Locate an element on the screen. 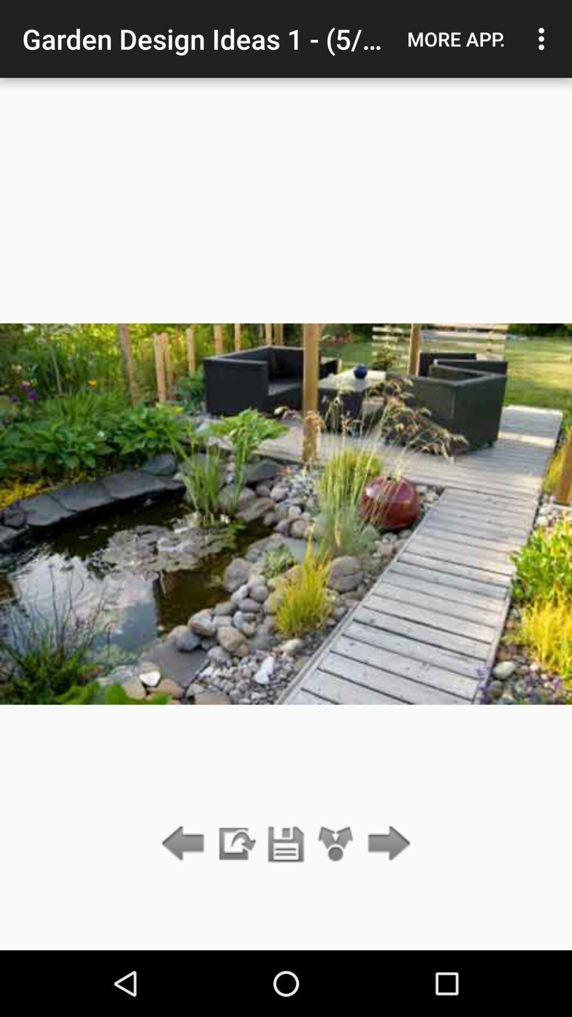  the launch icon is located at coordinates (235, 844).